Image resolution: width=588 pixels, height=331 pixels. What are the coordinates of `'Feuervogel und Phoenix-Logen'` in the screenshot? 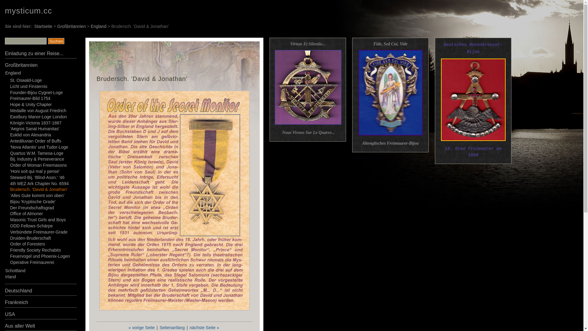 It's located at (10, 256).